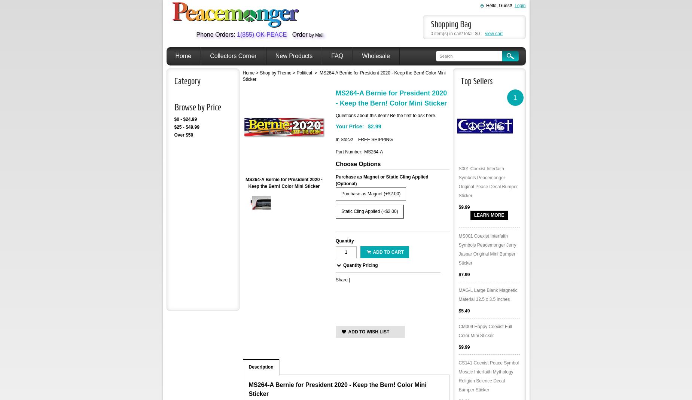 The width and height of the screenshot is (692, 400). Describe the element at coordinates (186, 80) in the screenshot. I see `'Category'` at that location.